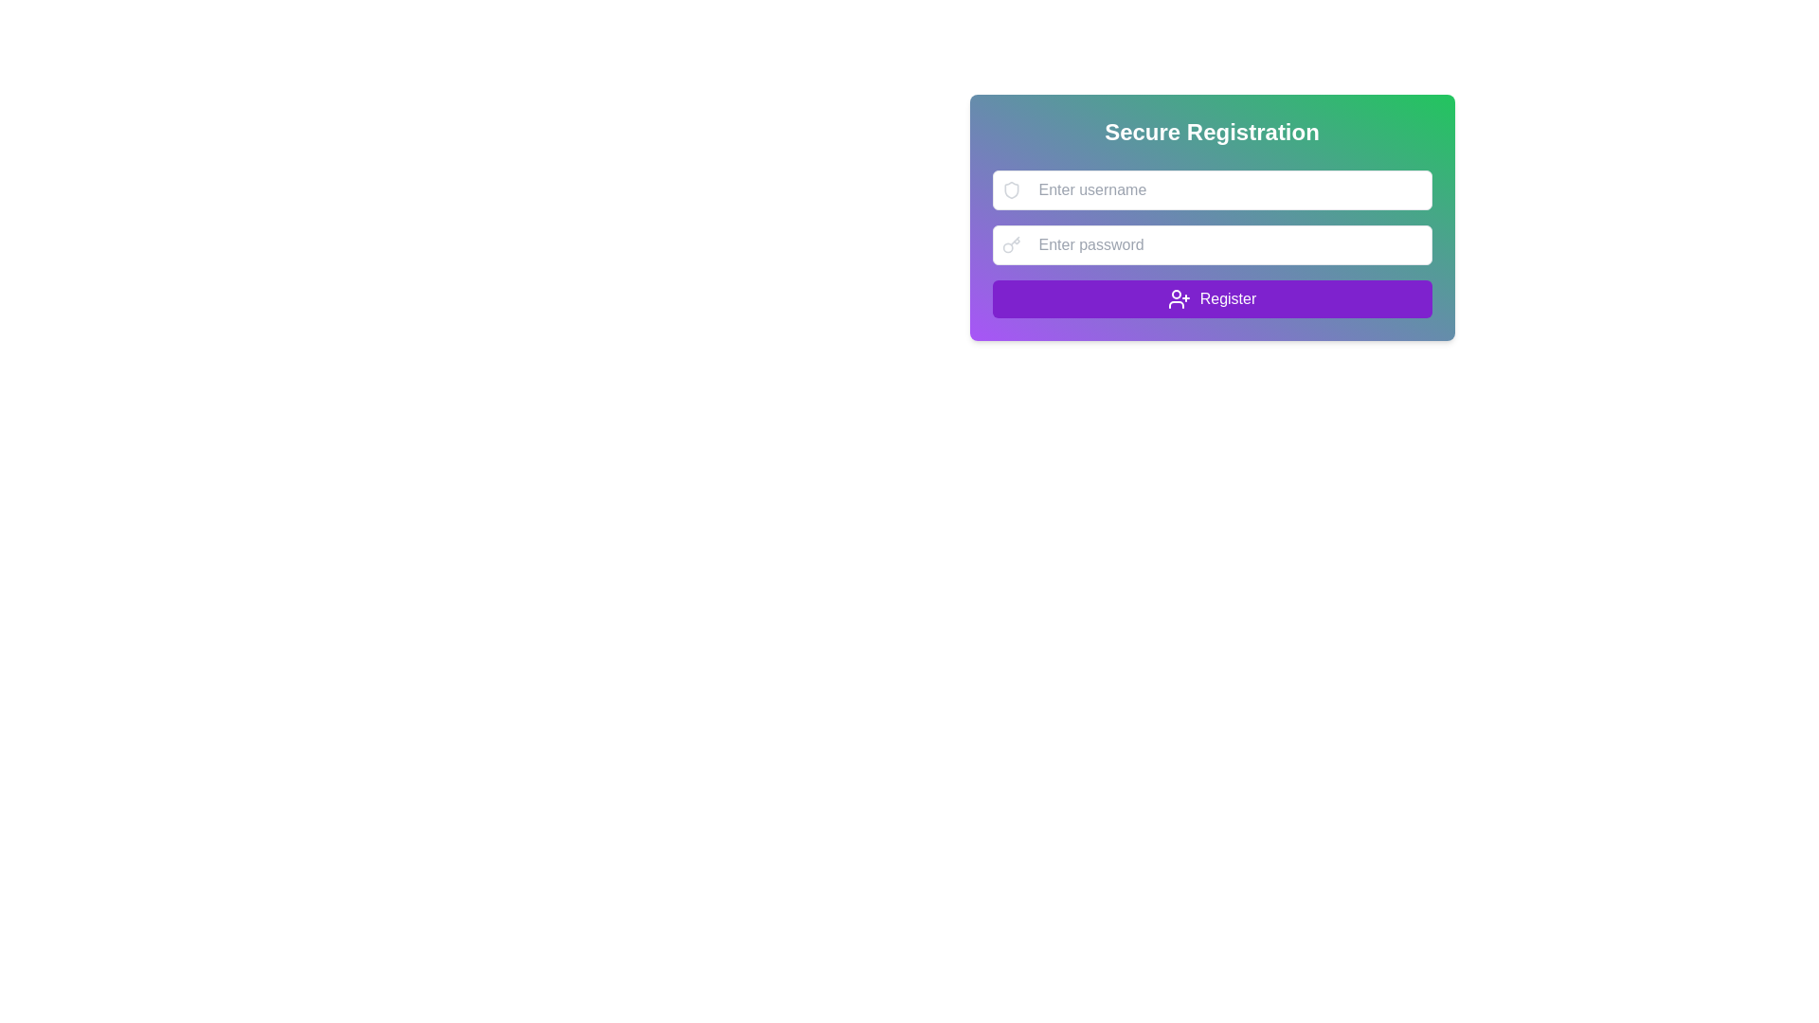 Image resolution: width=1819 pixels, height=1023 pixels. Describe the element at coordinates (1178, 298) in the screenshot. I see `the user icon with a plus sign positioned to the left inside the 'Register' button` at that location.